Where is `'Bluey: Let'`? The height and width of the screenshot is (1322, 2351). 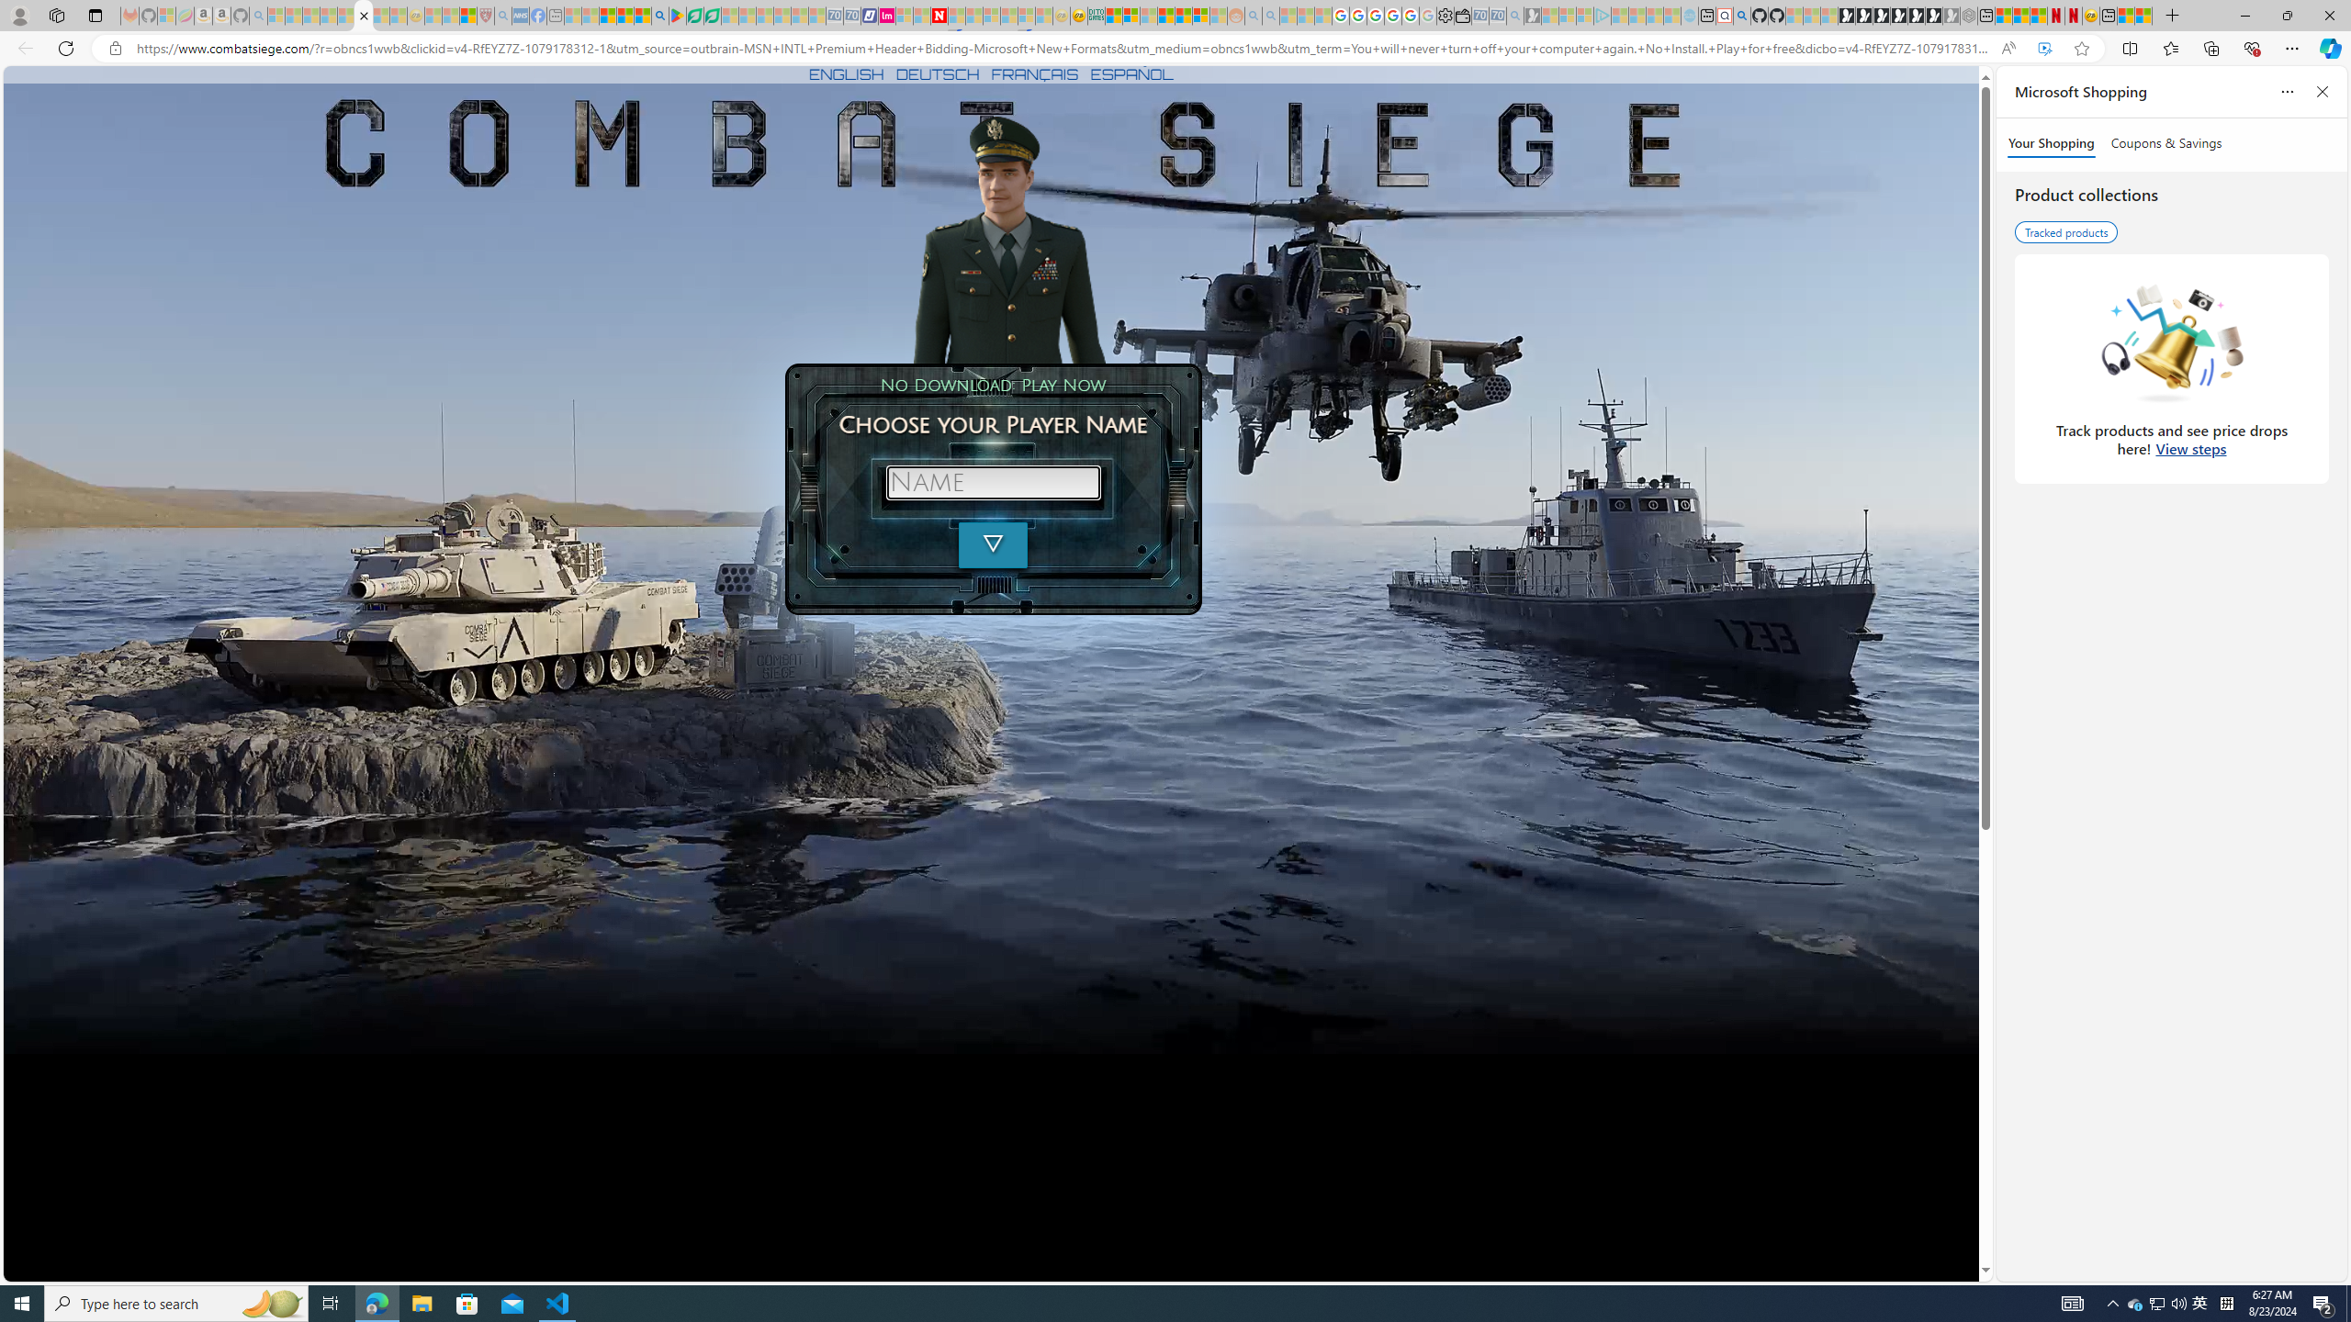 'Bluey: Let' is located at coordinates (677, 15).